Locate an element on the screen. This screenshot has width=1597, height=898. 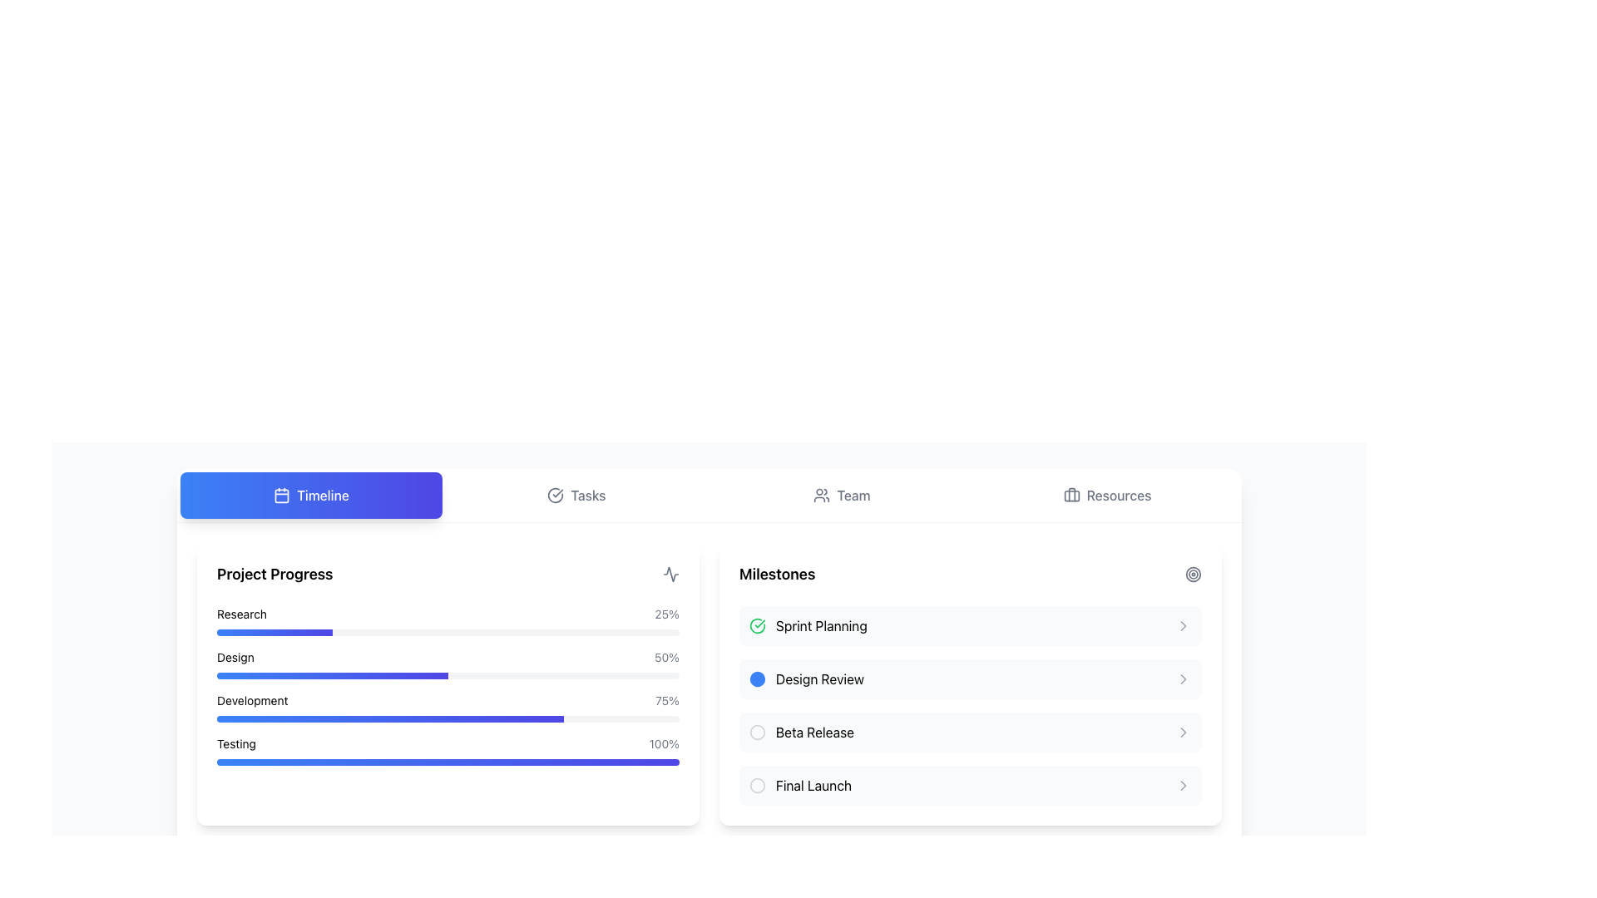
the first button in the horizontal menu at the top of the interface is located at coordinates (311, 495).